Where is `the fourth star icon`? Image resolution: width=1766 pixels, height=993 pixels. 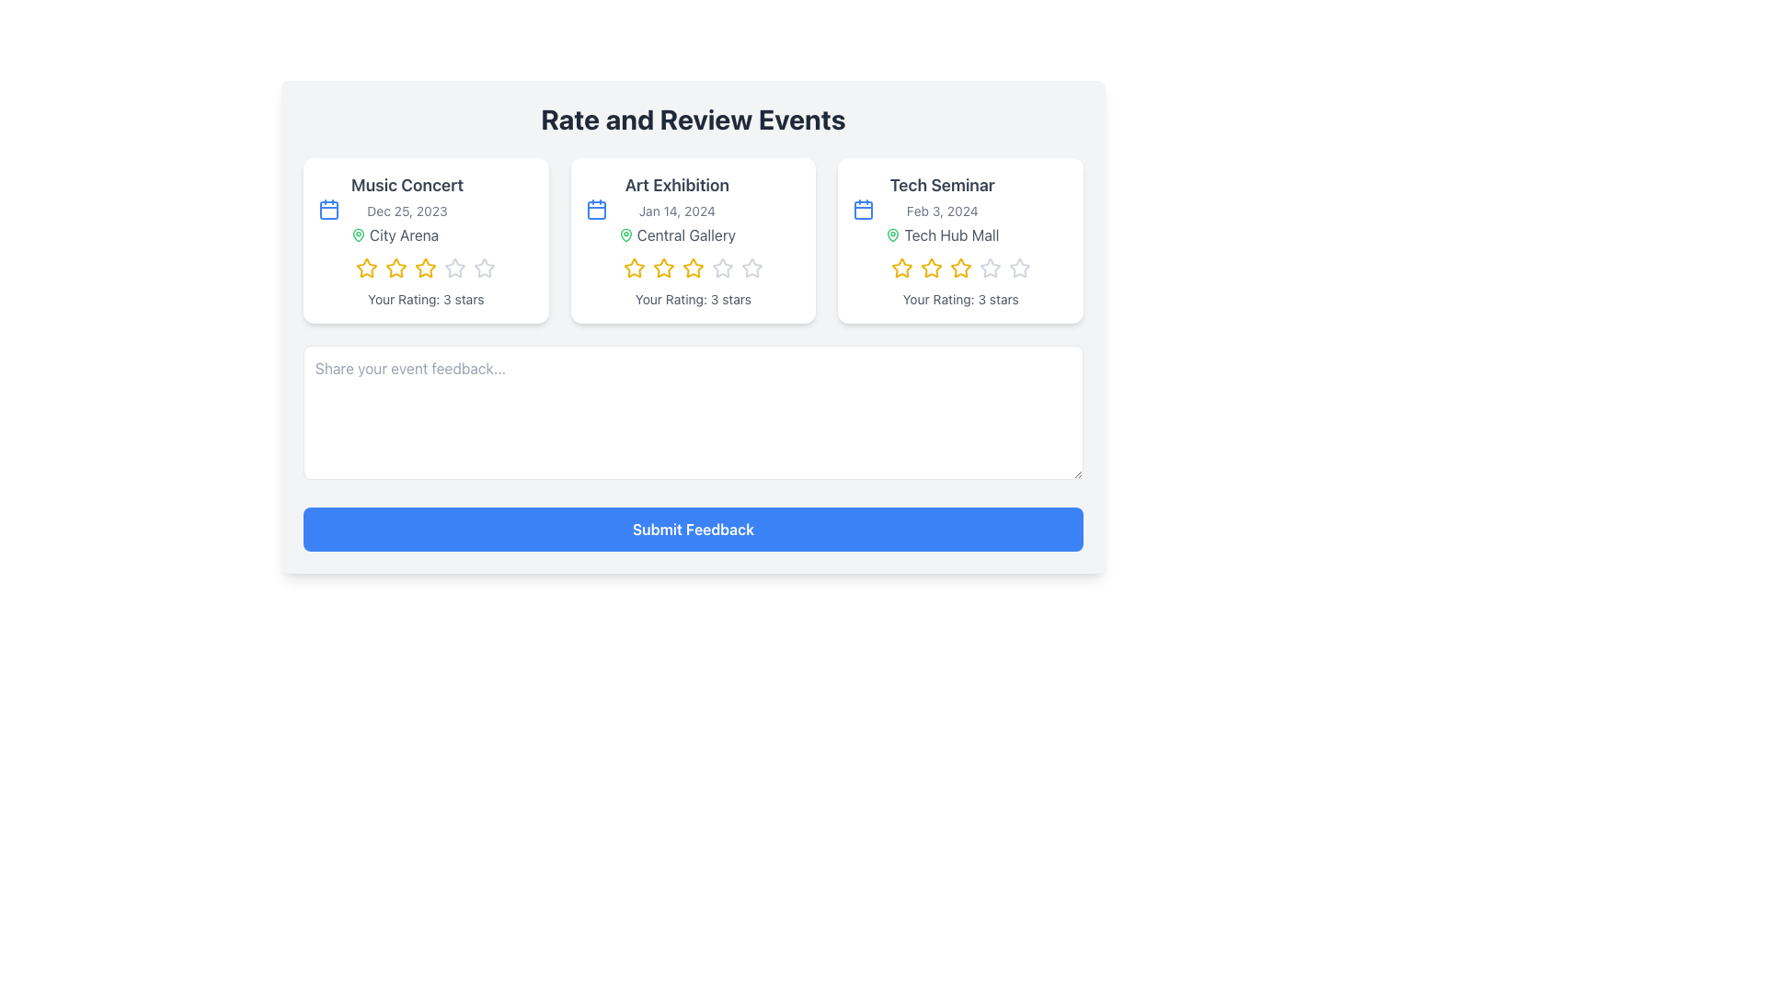 the fourth star icon is located at coordinates (722, 268).